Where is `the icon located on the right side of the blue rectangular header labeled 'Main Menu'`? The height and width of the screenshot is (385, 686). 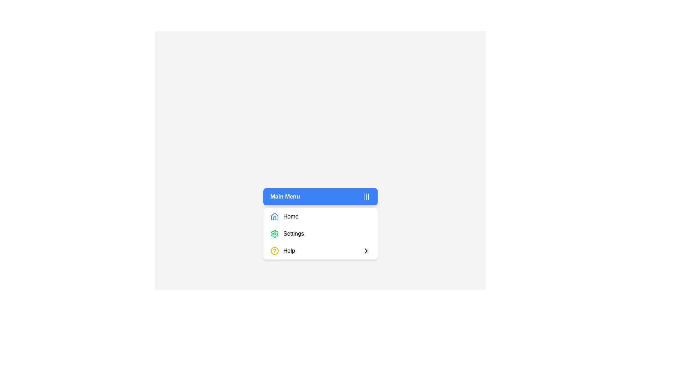
the icon located on the right side of the blue rectangular header labeled 'Main Menu' is located at coordinates (366, 196).